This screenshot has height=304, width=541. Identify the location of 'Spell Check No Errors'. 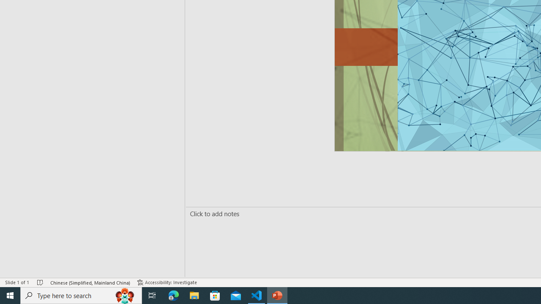
(40, 282).